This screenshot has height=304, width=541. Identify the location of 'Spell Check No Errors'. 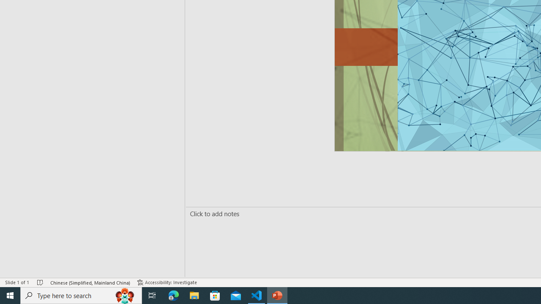
(40, 282).